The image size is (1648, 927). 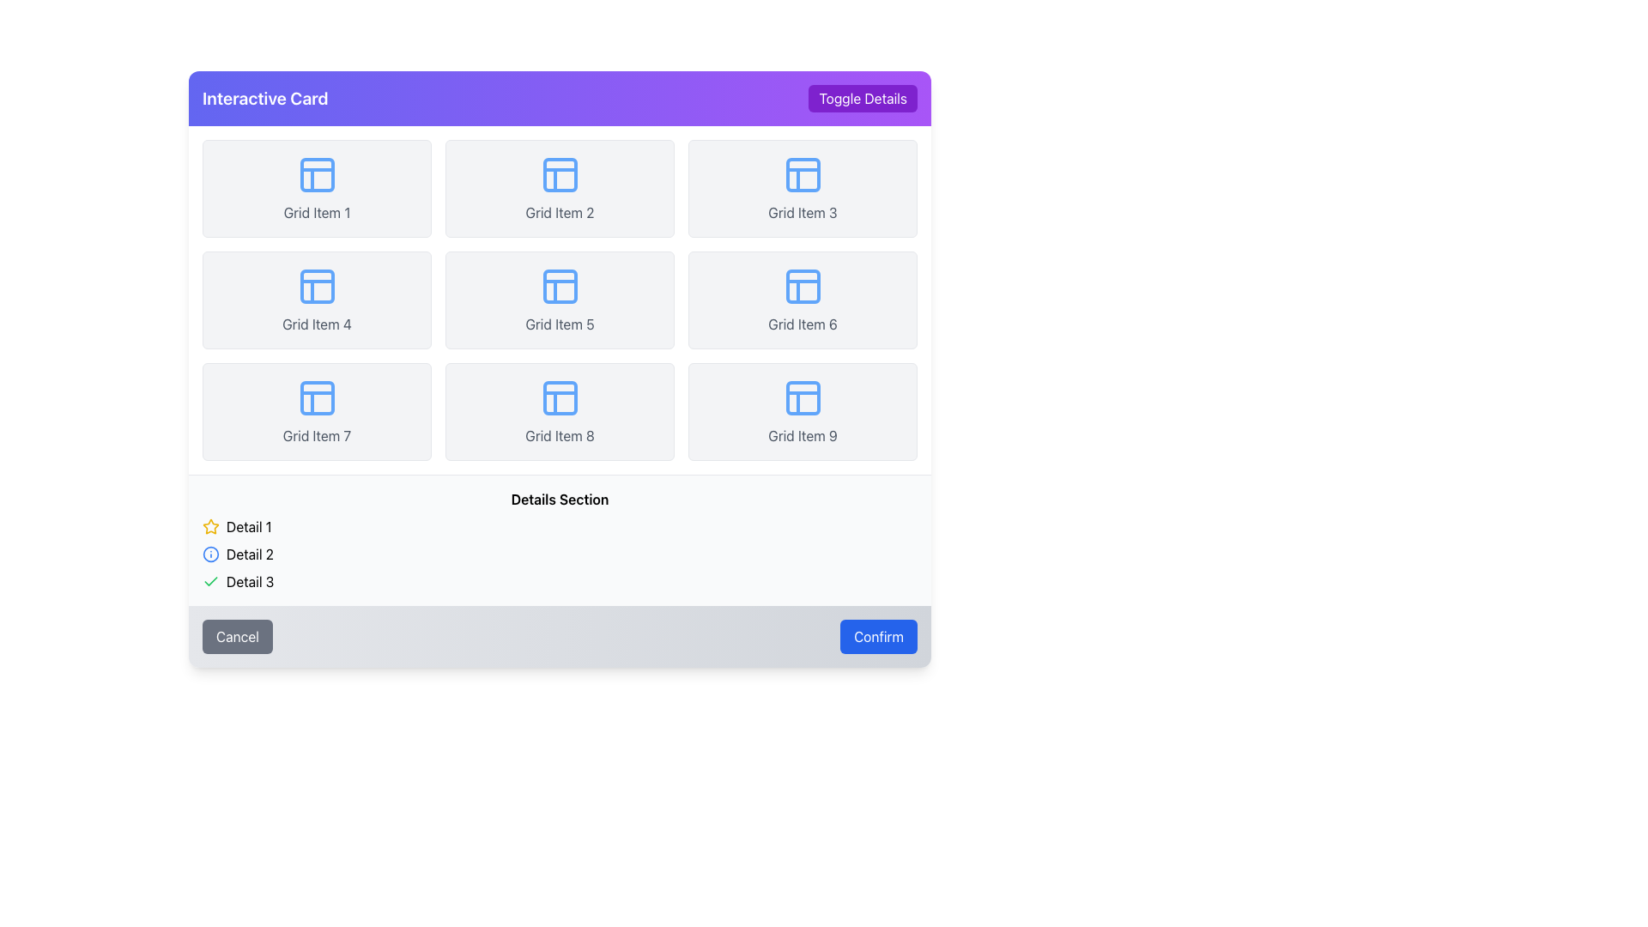 What do you see at coordinates (863, 99) in the screenshot?
I see `the 'Toggle Details' button with a purple background located at the top-right corner of the 'Interactive Card' panel to observe its hover effects` at bounding box center [863, 99].